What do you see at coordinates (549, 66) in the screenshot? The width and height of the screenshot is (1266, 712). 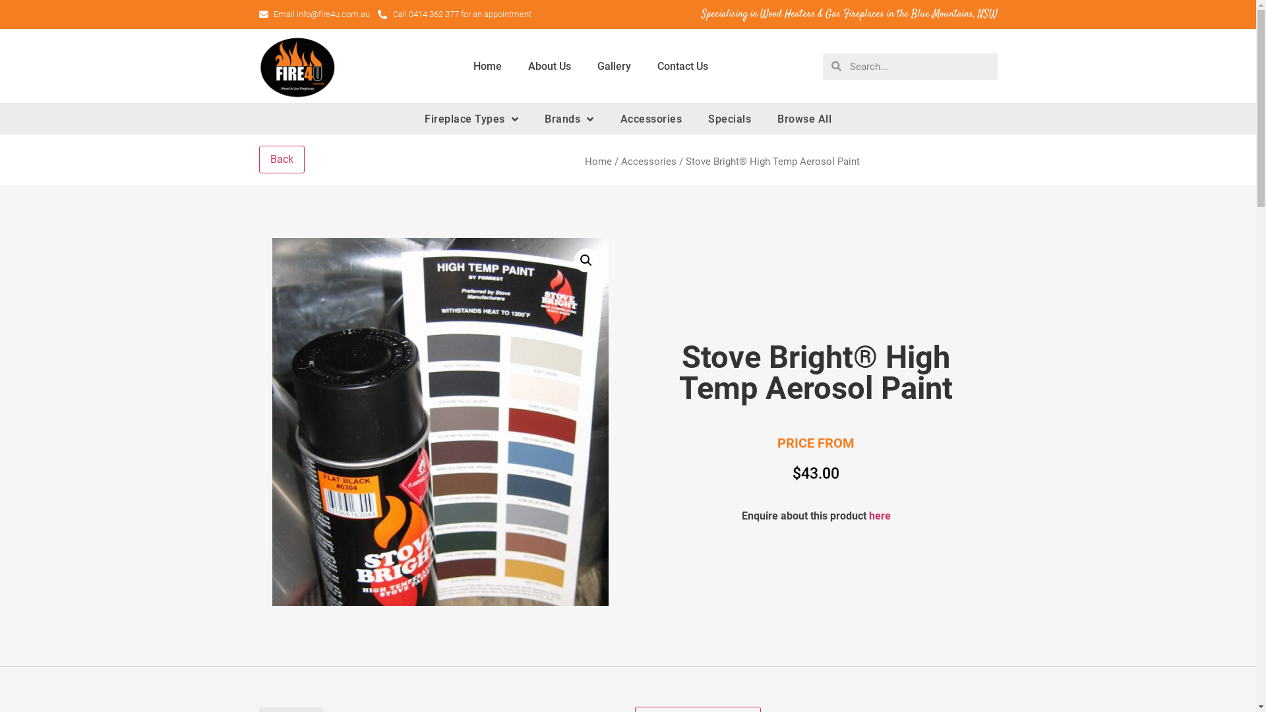 I see `'About Us'` at bounding box center [549, 66].